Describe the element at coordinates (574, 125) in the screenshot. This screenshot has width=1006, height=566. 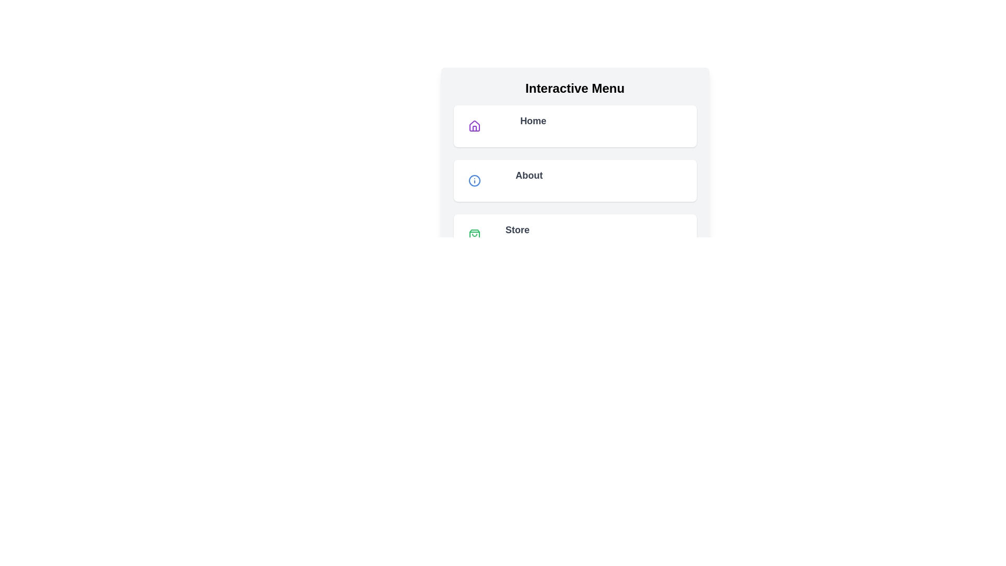
I see `the menu item labeled Home` at that location.